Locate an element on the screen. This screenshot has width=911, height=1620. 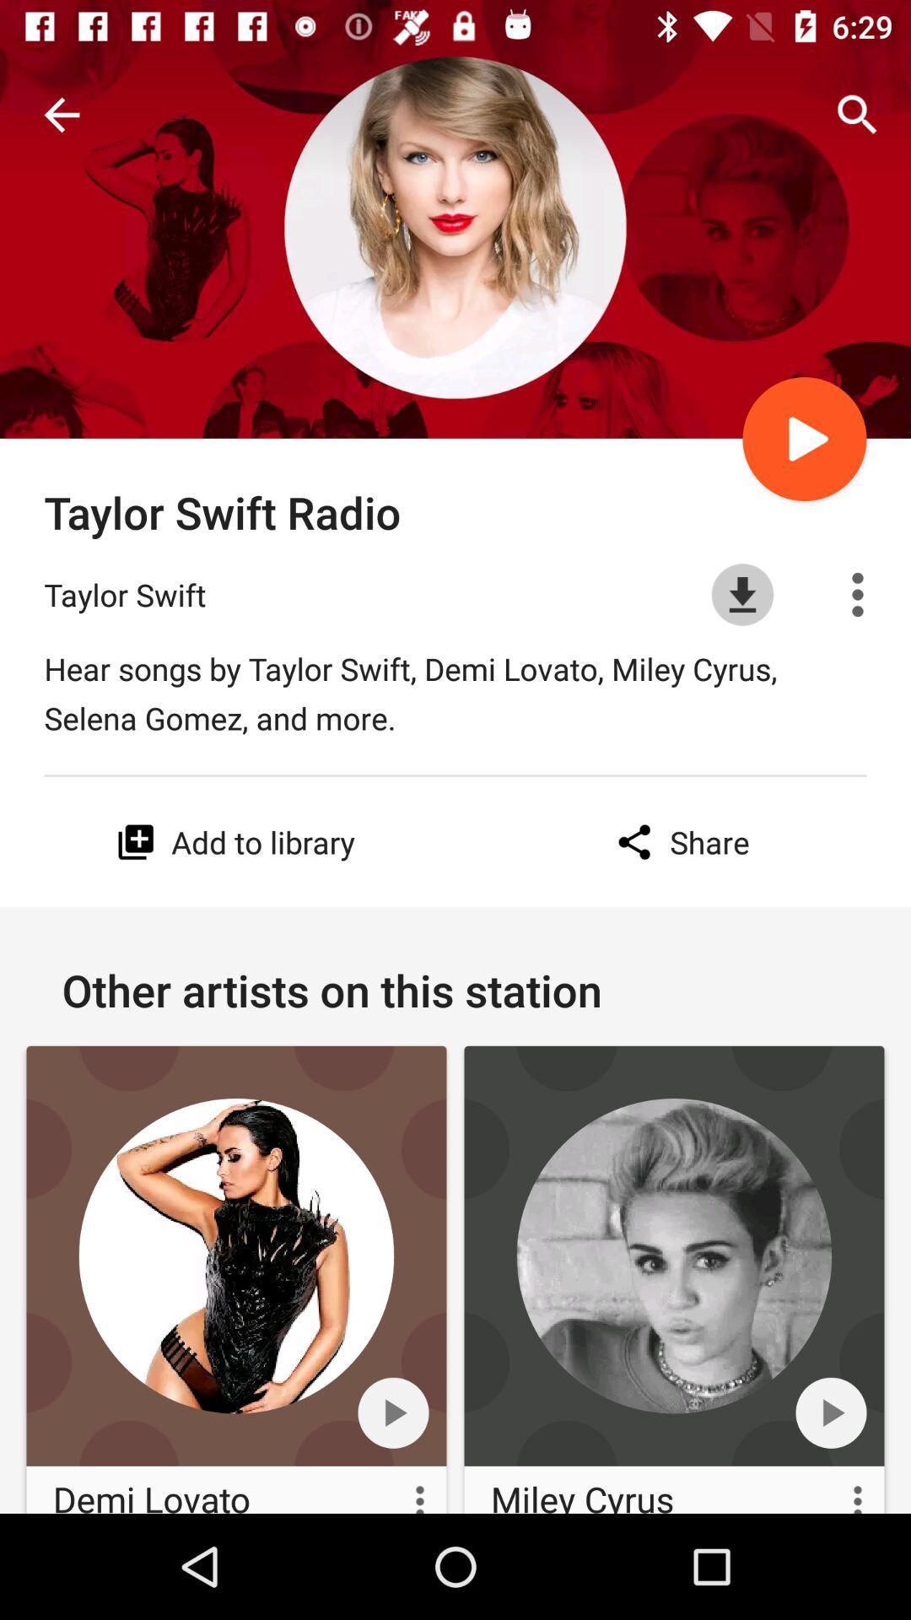
share is located at coordinates (678, 842).